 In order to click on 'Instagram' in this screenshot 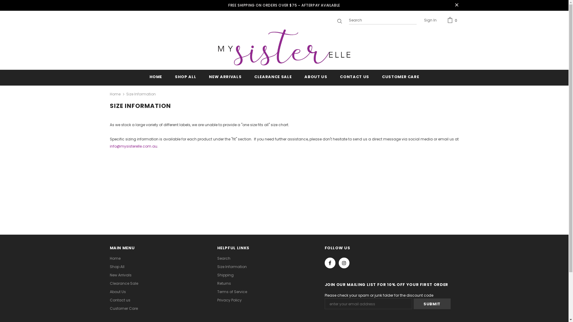, I will do `click(344, 263)`.